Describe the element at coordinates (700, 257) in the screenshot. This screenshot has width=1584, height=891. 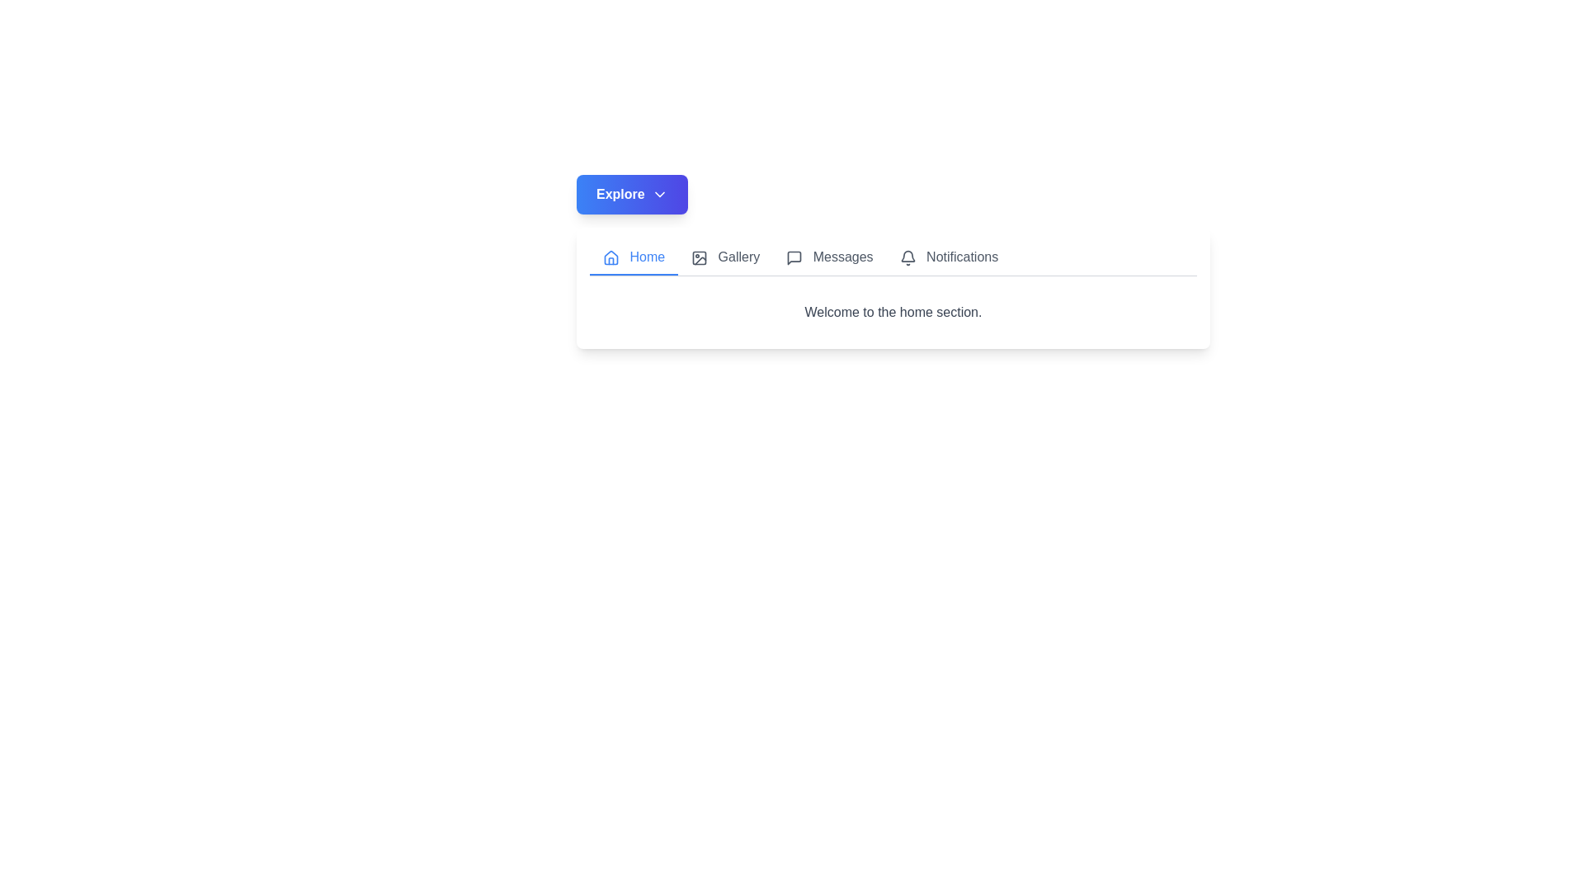
I see `the 'Gallery' icon located in the navigation panel, positioned next to the 'Gallery' text, between 'Home' and 'Messages'` at that location.